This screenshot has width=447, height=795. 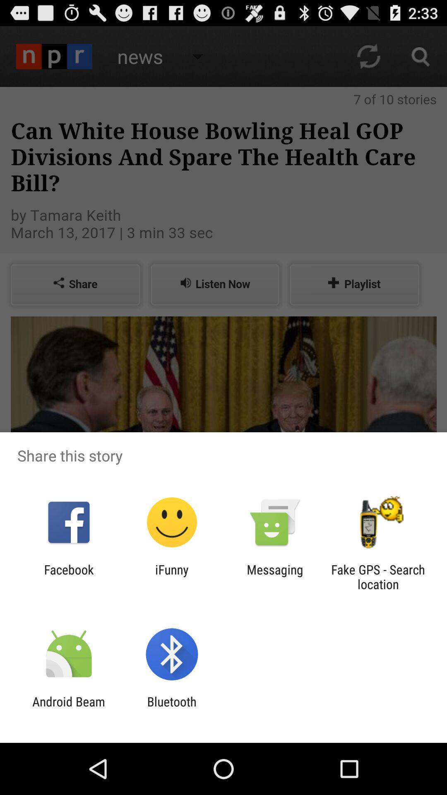 What do you see at coordinates (171, 576) in the screenshot?
I see `ifunny` at bounding box center [171, 576].